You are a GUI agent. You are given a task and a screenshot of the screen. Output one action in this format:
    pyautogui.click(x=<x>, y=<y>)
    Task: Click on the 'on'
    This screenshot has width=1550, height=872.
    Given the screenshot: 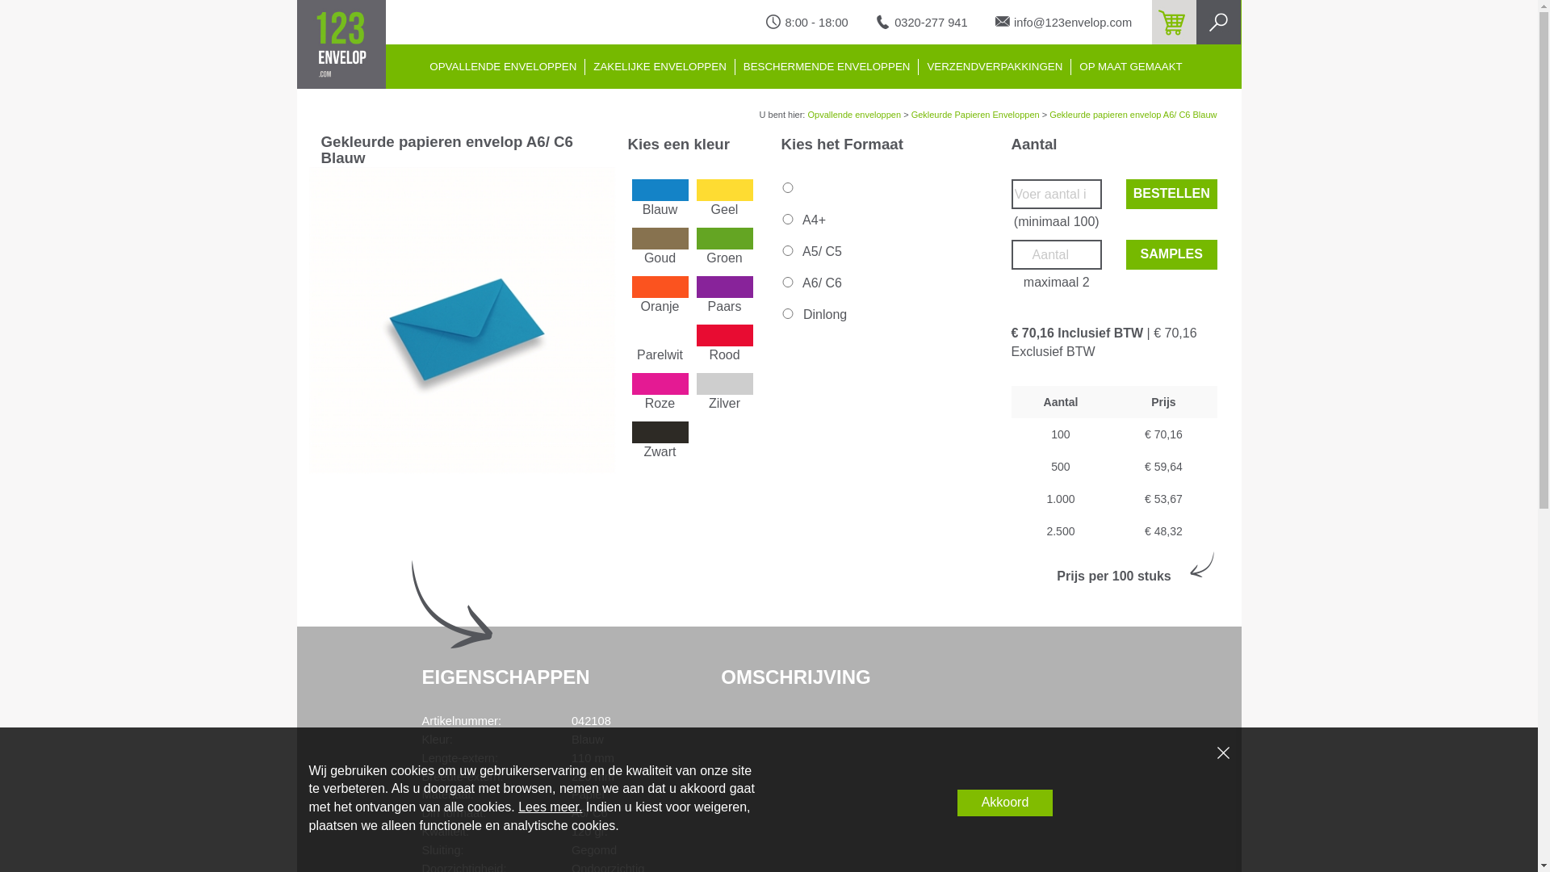 What is the action you would take?
    pyautogui.click(x=787, y=187)
    